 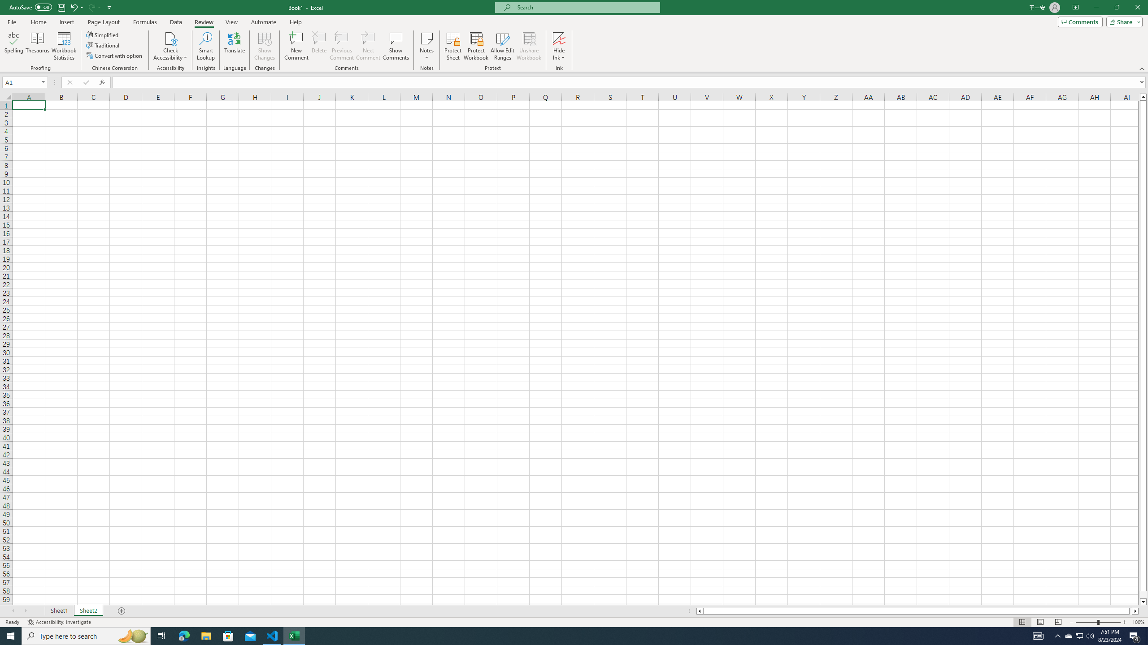 What do you see at coordinates (426, 46) in the screenshot?
I see `'Notes'` at bounding box center [426, 46].